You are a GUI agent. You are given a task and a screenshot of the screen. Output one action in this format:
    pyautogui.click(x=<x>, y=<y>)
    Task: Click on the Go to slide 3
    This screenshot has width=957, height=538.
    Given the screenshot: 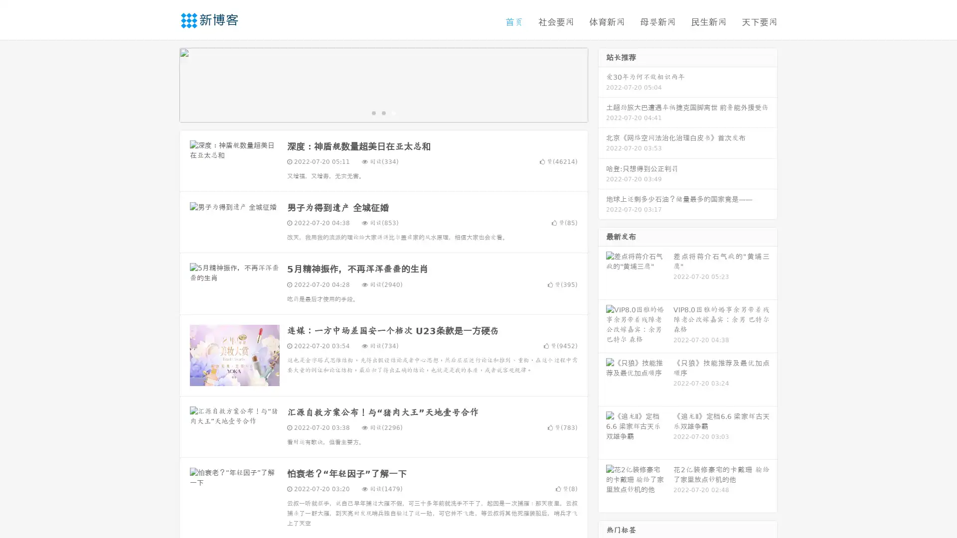 What is the action you would take?
    pyautogui.click(x=393, y=112)
    